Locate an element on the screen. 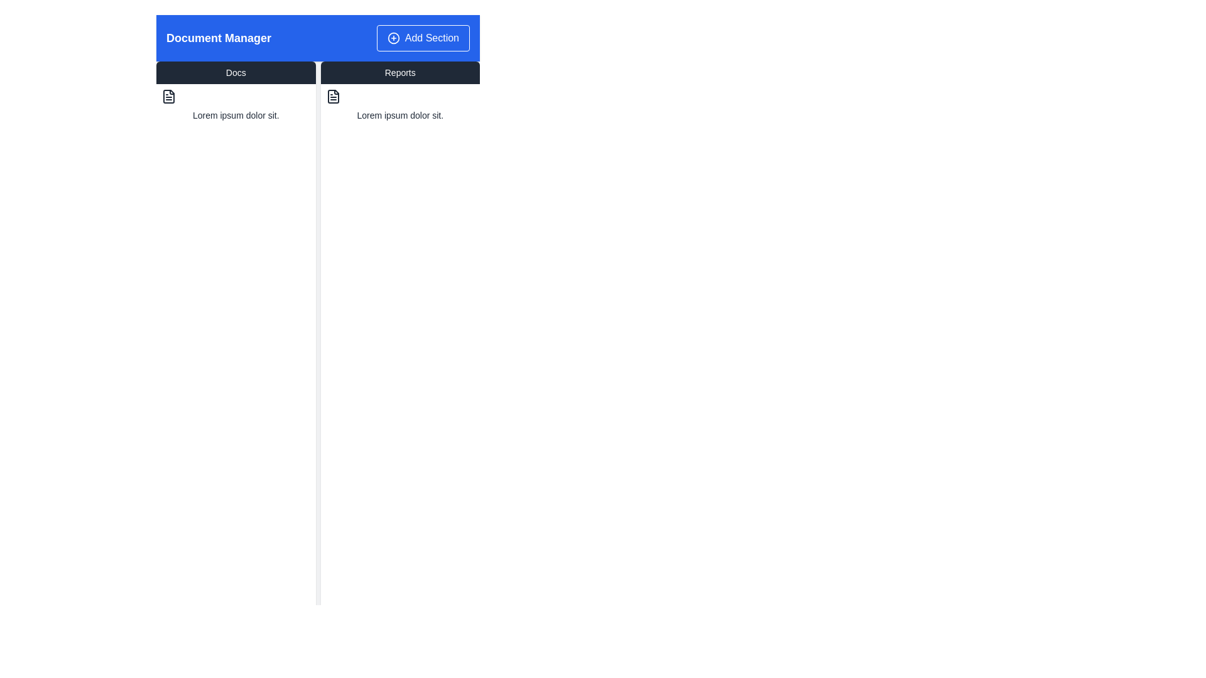 The width and height of the screenshot is (1206, 678). the 'Document Manager' text label, which is a bold, large font label in white on a blue background, positioned on the left side of the header bar is located at coordinates (219, 38).